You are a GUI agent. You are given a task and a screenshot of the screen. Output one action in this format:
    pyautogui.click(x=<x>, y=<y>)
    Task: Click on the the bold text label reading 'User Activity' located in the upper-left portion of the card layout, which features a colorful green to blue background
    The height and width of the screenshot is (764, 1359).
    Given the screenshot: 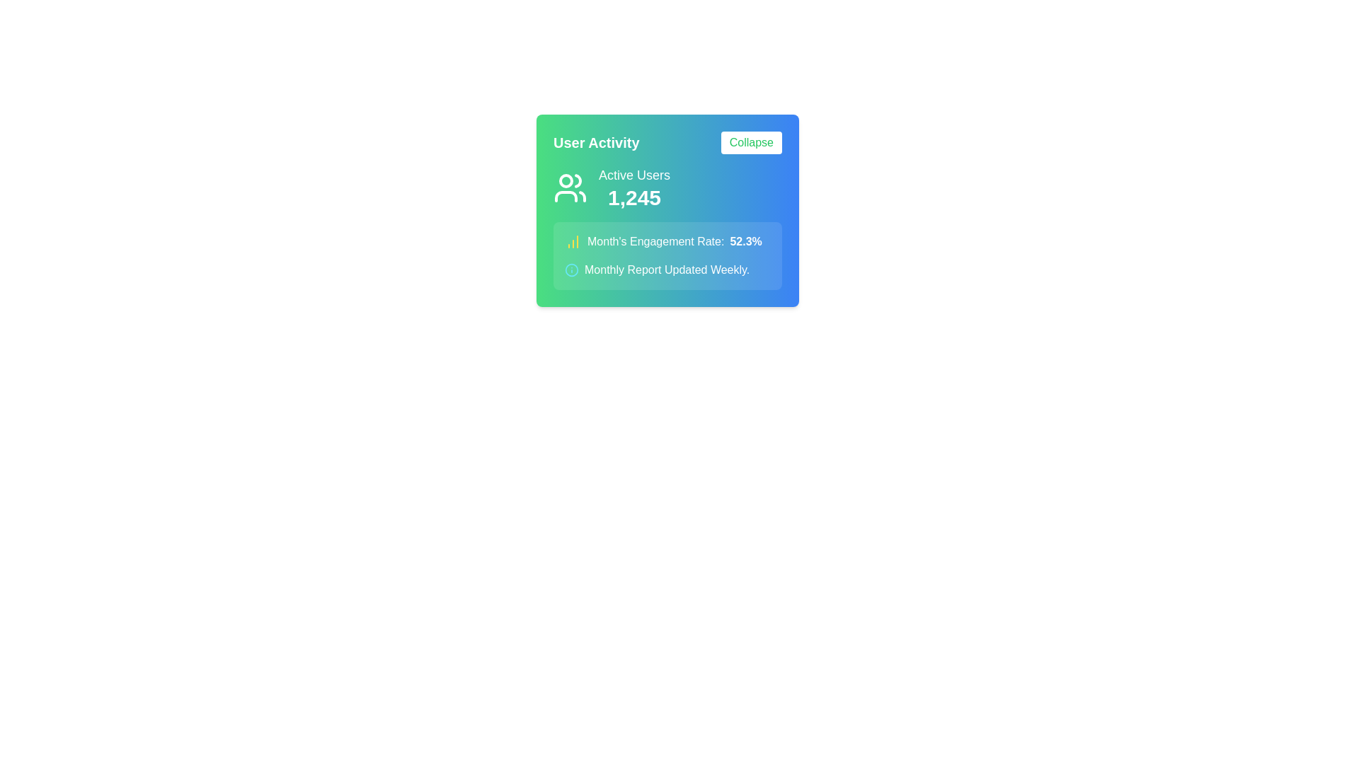 What is the action you would take?
    pyautogui.click(x=596, y=142)
    